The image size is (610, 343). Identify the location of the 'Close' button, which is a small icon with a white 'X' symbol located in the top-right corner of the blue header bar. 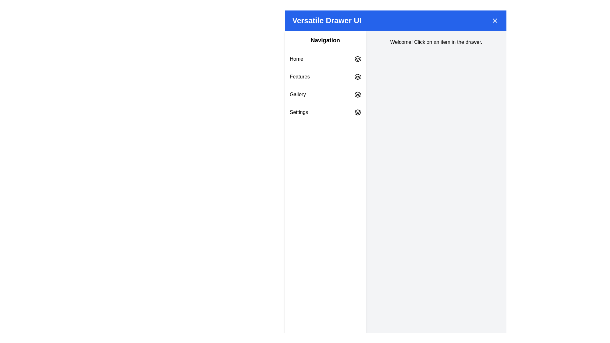
(495, 20).